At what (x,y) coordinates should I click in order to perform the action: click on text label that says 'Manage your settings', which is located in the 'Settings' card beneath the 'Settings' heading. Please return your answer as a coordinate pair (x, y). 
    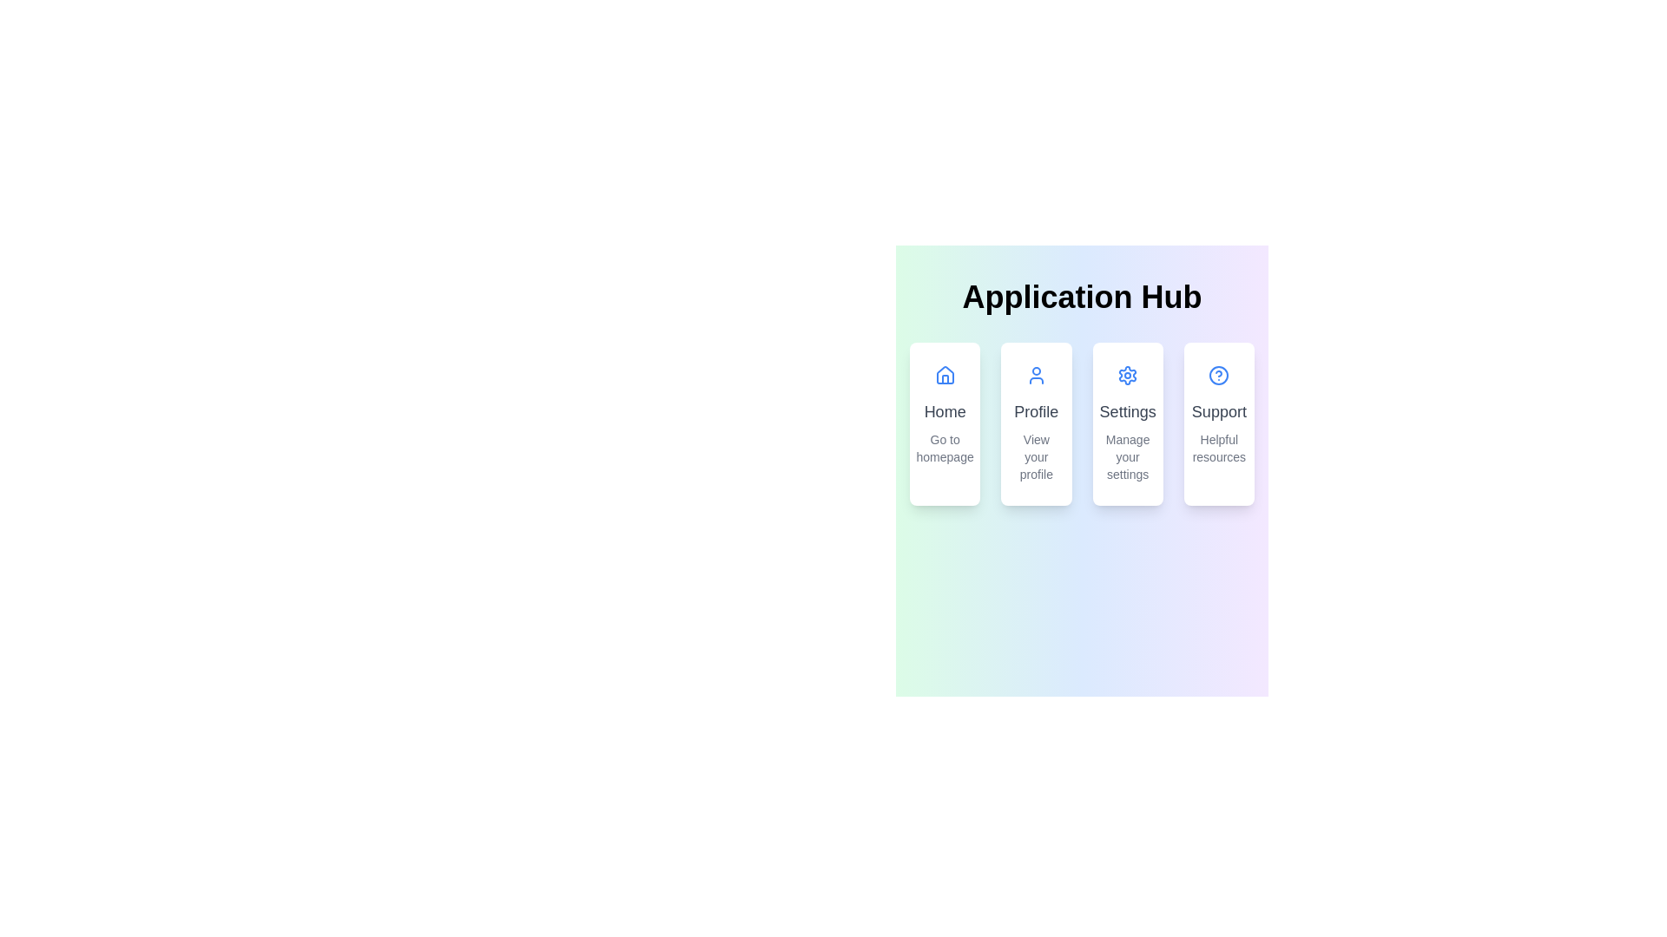
    Looking at the image, I should click on (1128, 456).